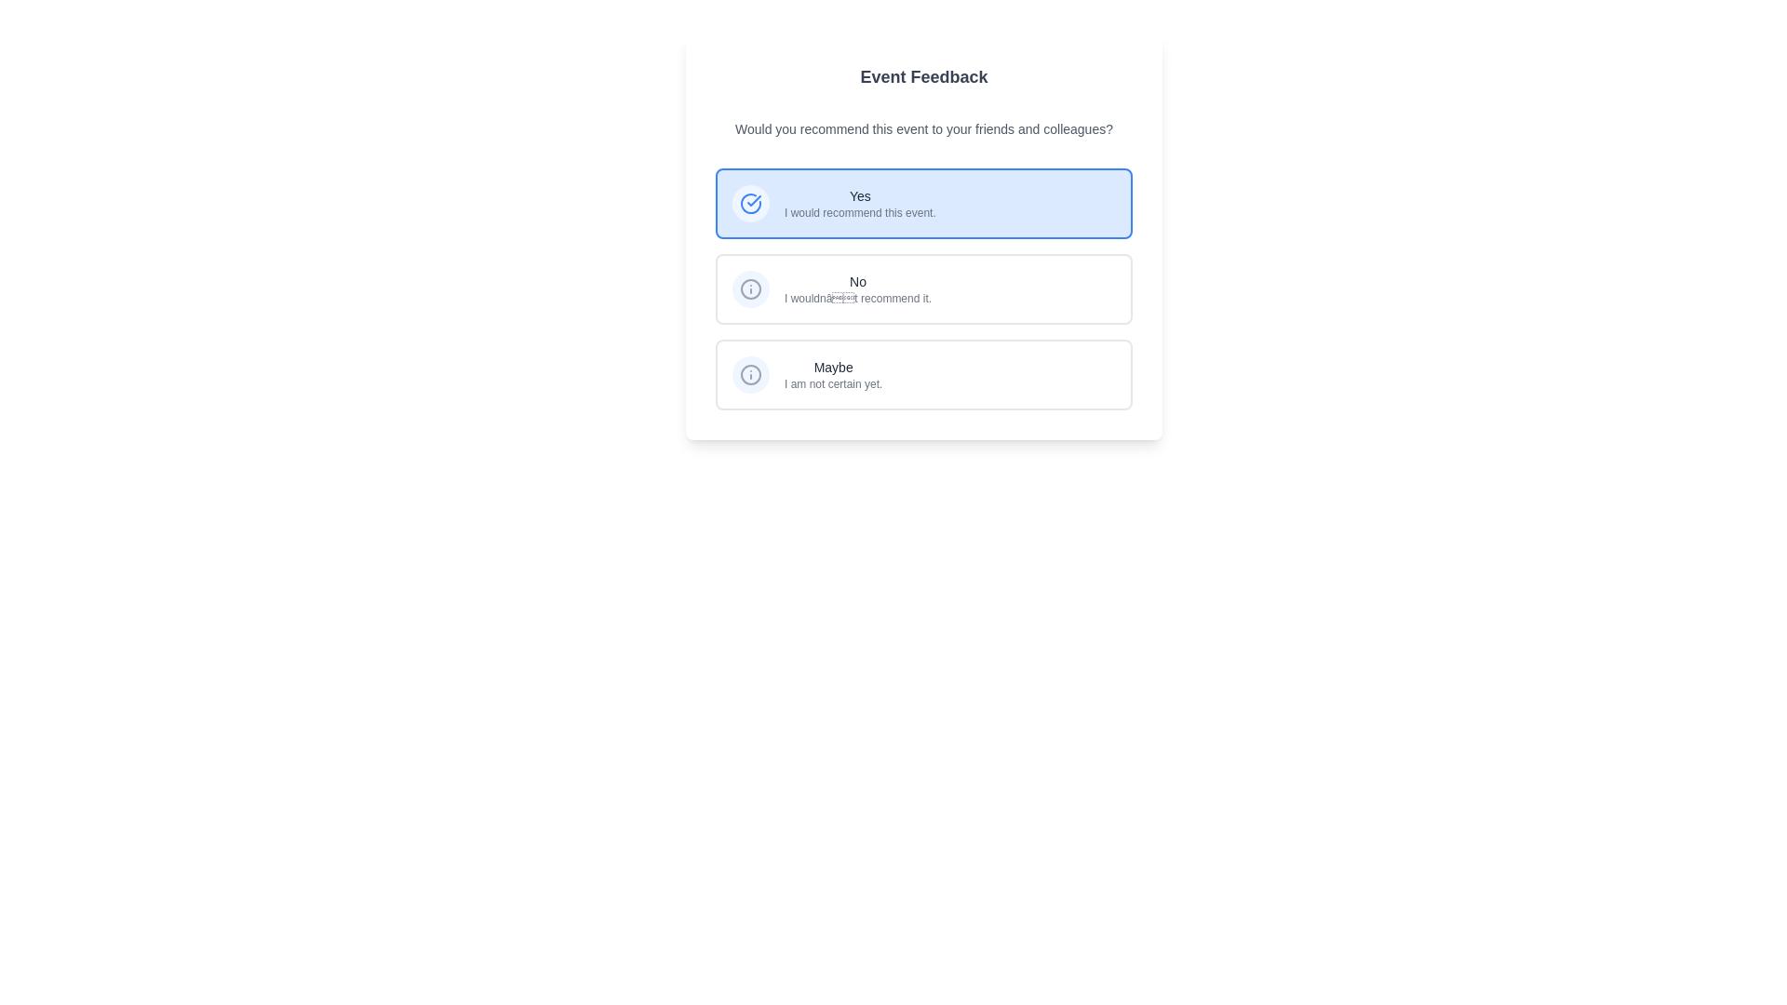  I want to click on the supplementary explanation text label for the 'Maybe' feedback choice located at the bottom of the feedback options, so click(832, 382).